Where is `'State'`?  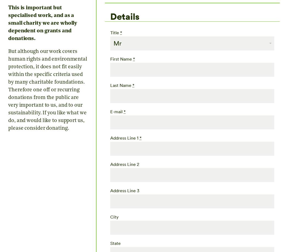
'State' is located at coordinates (115, 243).